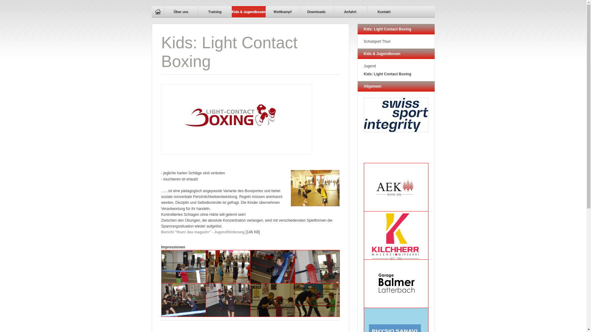  Describe the element at coordinates (357, 73) in the screenshot. I see `'Kids: Light Contact Boxing'` at that location.